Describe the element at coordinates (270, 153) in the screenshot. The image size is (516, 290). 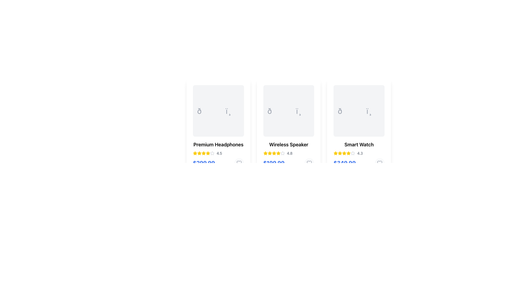
I see `the first filled yellow star rating icon located below the product image in the product card layout to interact with it` at that location.